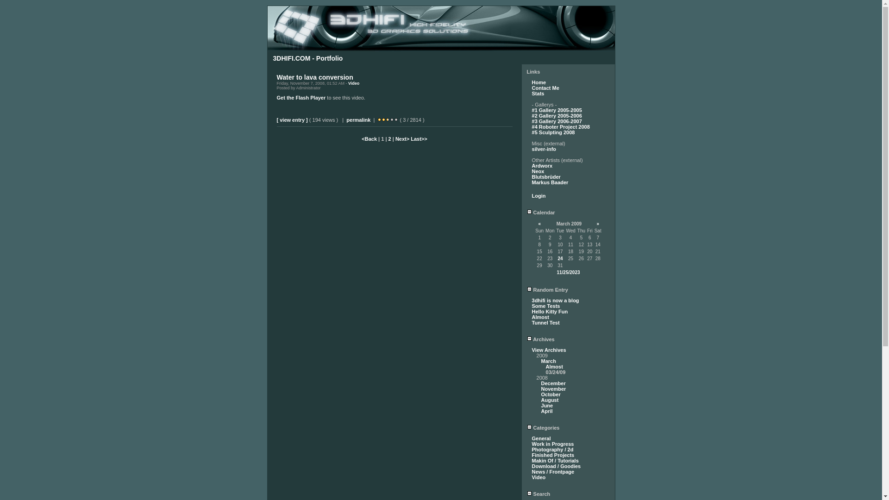 The width and height of the screenshot is (889, 500). I want to click on 'silver-info', so click(544, 148).